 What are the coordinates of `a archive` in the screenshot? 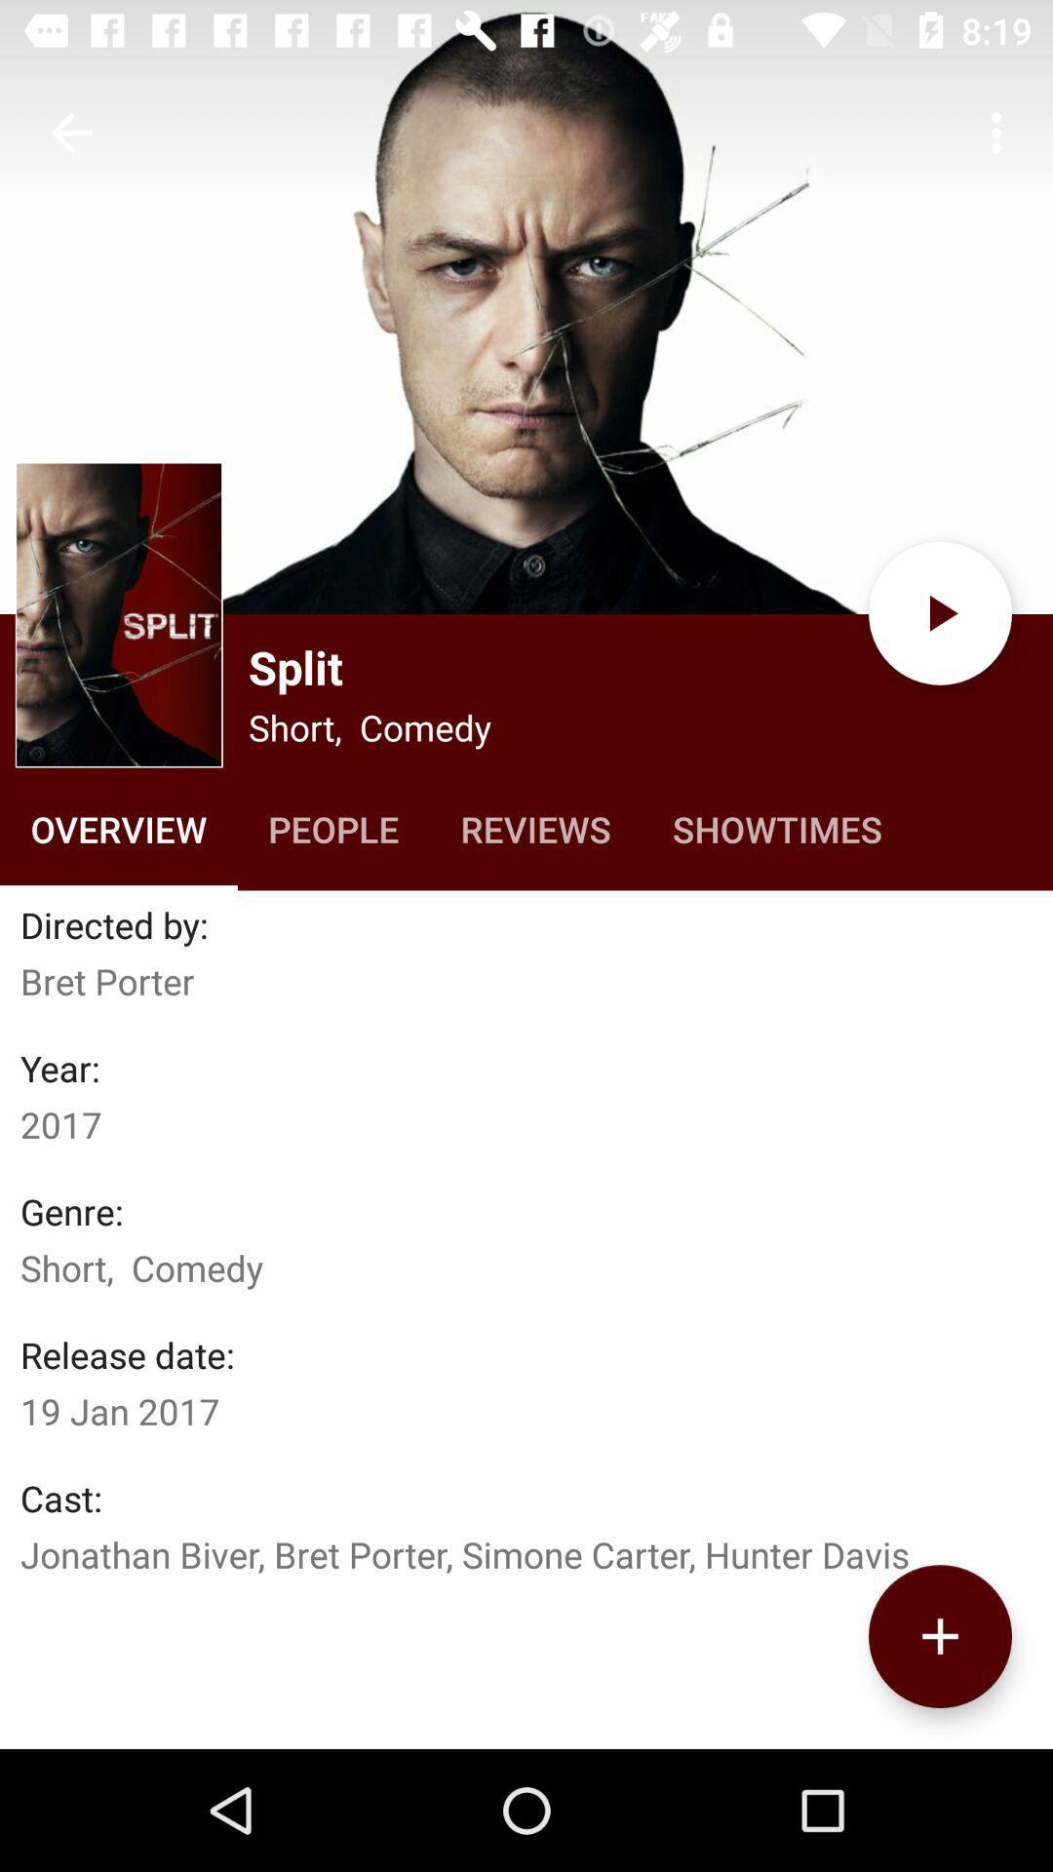 It's located at (939, 1636).